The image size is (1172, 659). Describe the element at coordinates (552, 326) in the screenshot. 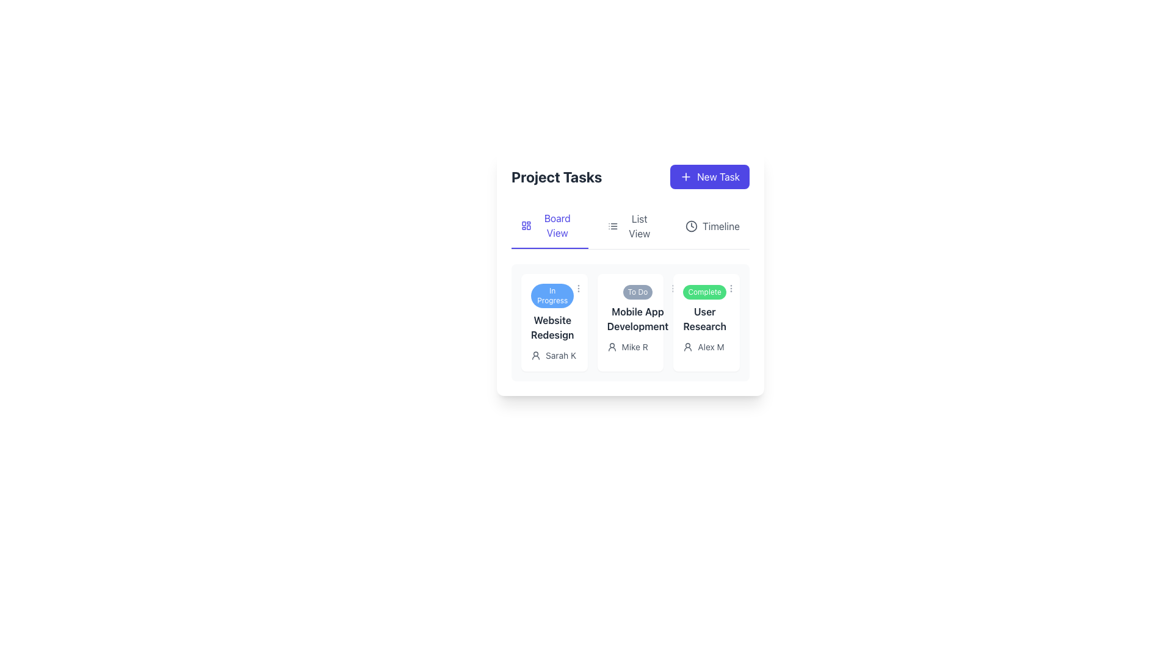

I see `the task name indicated` at that location.